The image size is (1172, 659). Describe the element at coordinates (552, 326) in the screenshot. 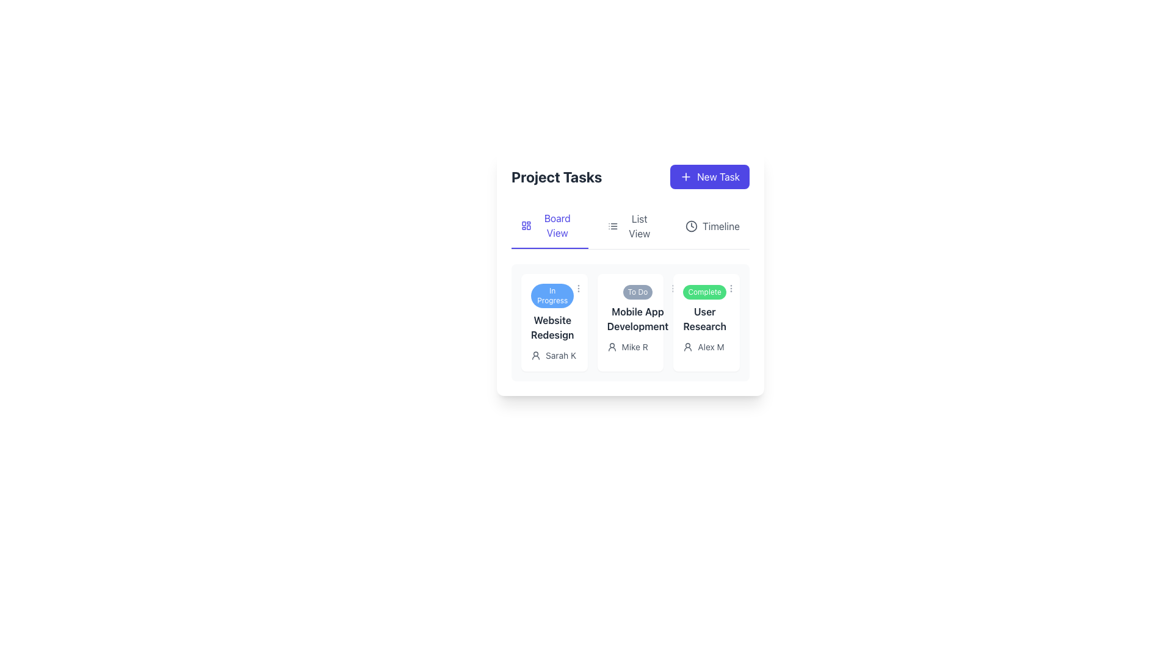

I see `the task name indicated` at that location.